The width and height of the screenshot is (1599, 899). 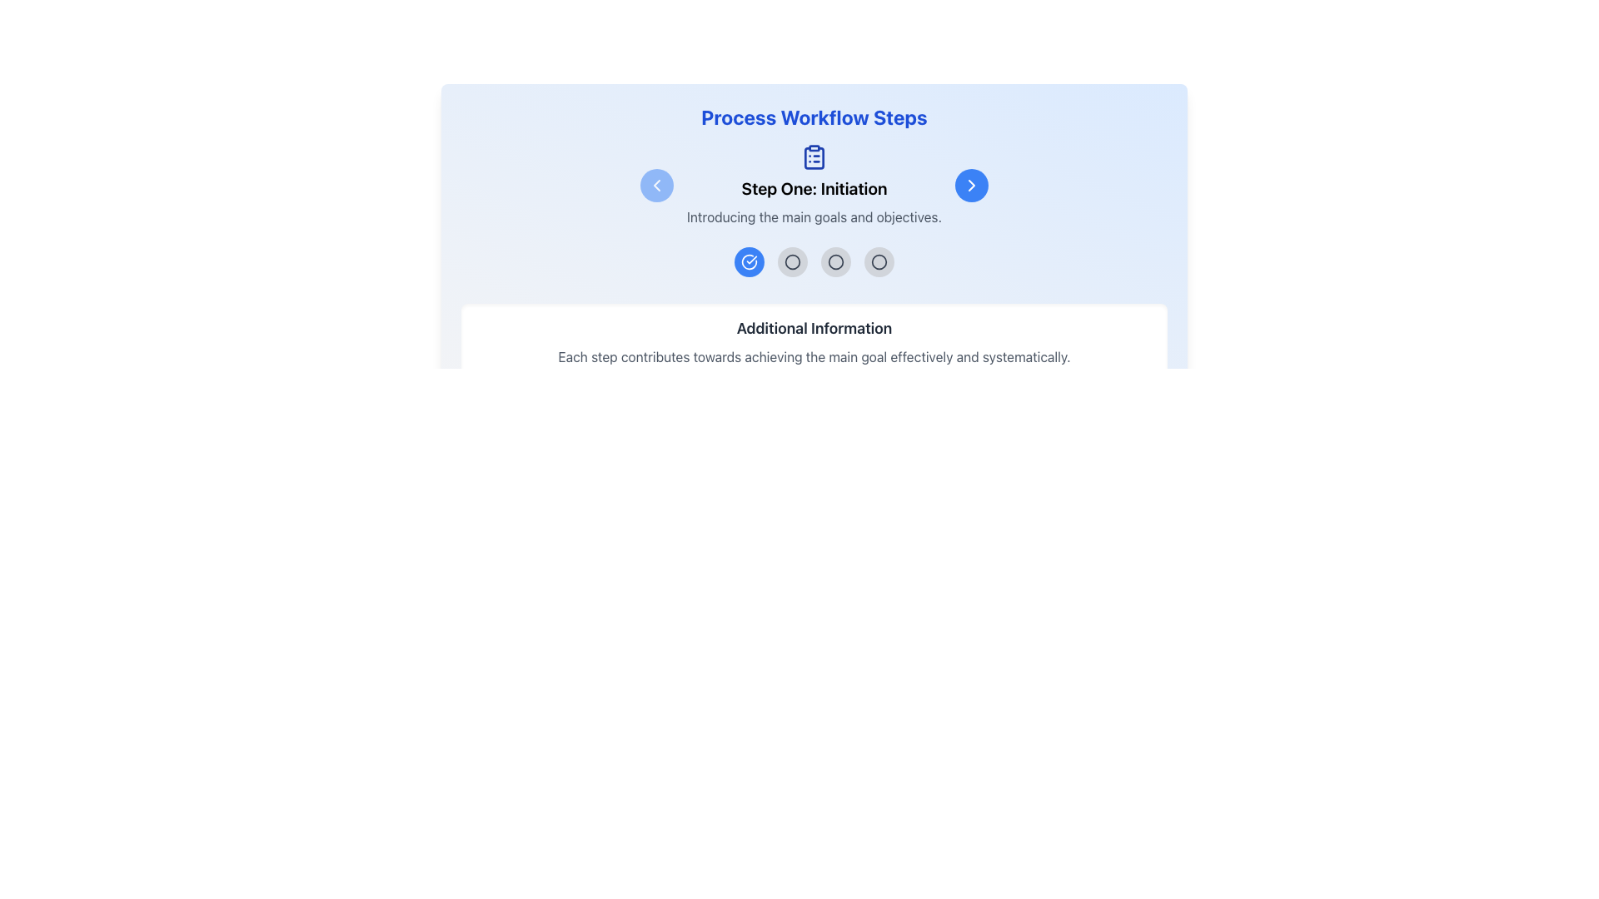 What do you see at coordinates (749, 262) in the screenshot?
I see `the first circular icon representing a completed step in the progress tracker below the text 'Step One: Initiation'` at bounding box center [749, 262].